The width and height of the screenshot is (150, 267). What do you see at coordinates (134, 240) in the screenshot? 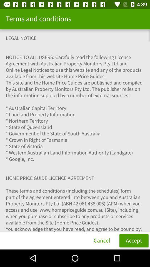
I see `item next to cancel icon` at bounding box center [134, 240].